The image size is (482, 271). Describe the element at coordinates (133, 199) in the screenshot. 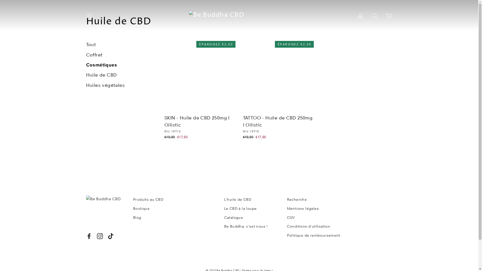

I see `'Produits au CBD'` at that location.